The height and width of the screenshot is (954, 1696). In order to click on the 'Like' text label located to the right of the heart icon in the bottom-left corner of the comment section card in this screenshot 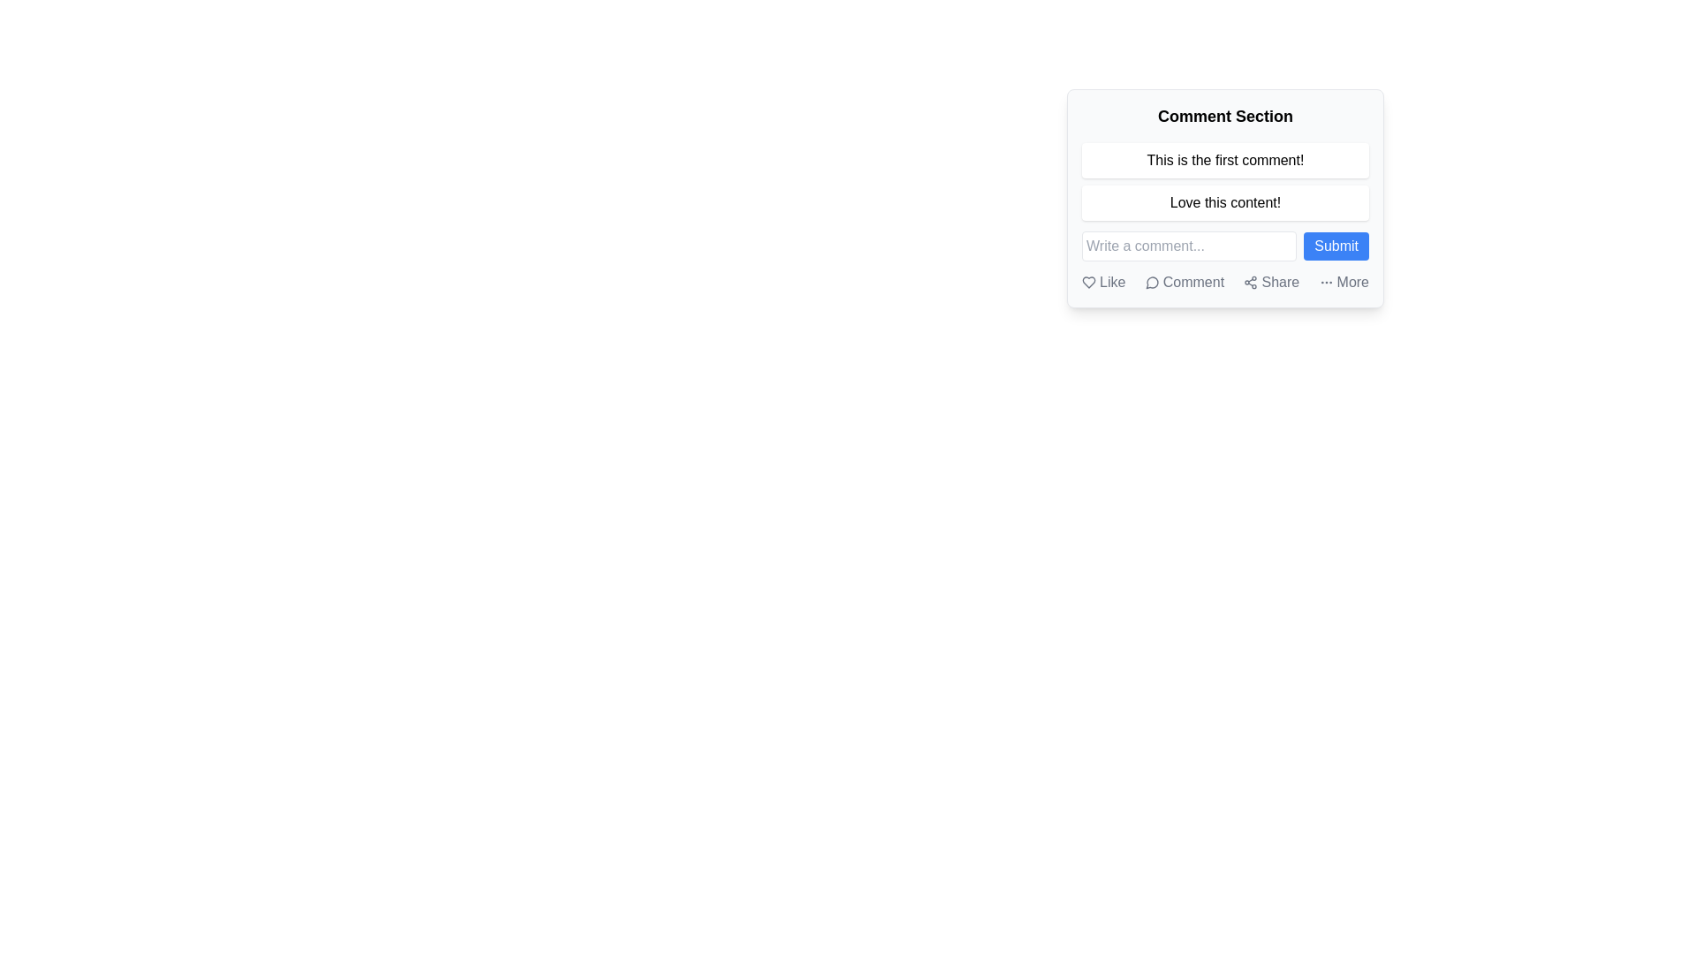, I will do `click(1110, 282)`.